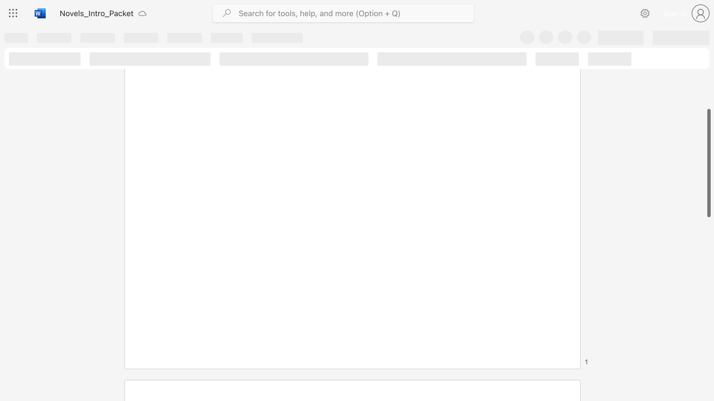  What do you see at coordinates (708, 163) in the screenshot?
I see `the scrollbar and move down 550 pixels` at bounding box center [708, 163].